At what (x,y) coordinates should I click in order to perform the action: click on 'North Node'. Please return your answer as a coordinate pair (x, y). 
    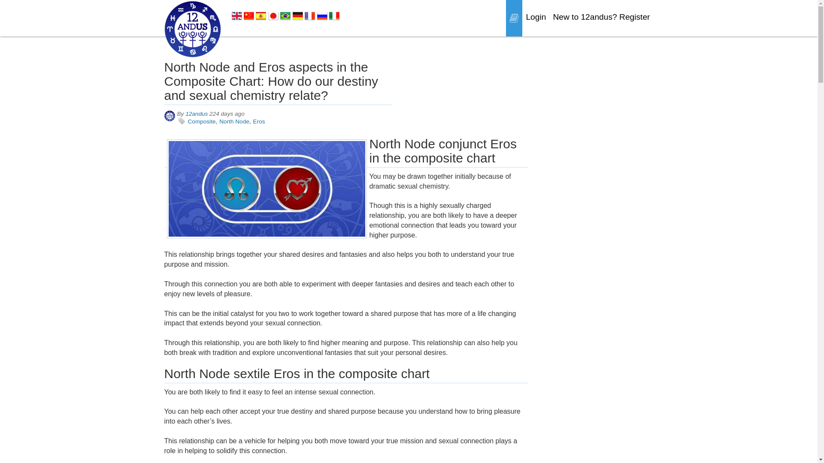
    Looking at the image, I should click on (234, 121).